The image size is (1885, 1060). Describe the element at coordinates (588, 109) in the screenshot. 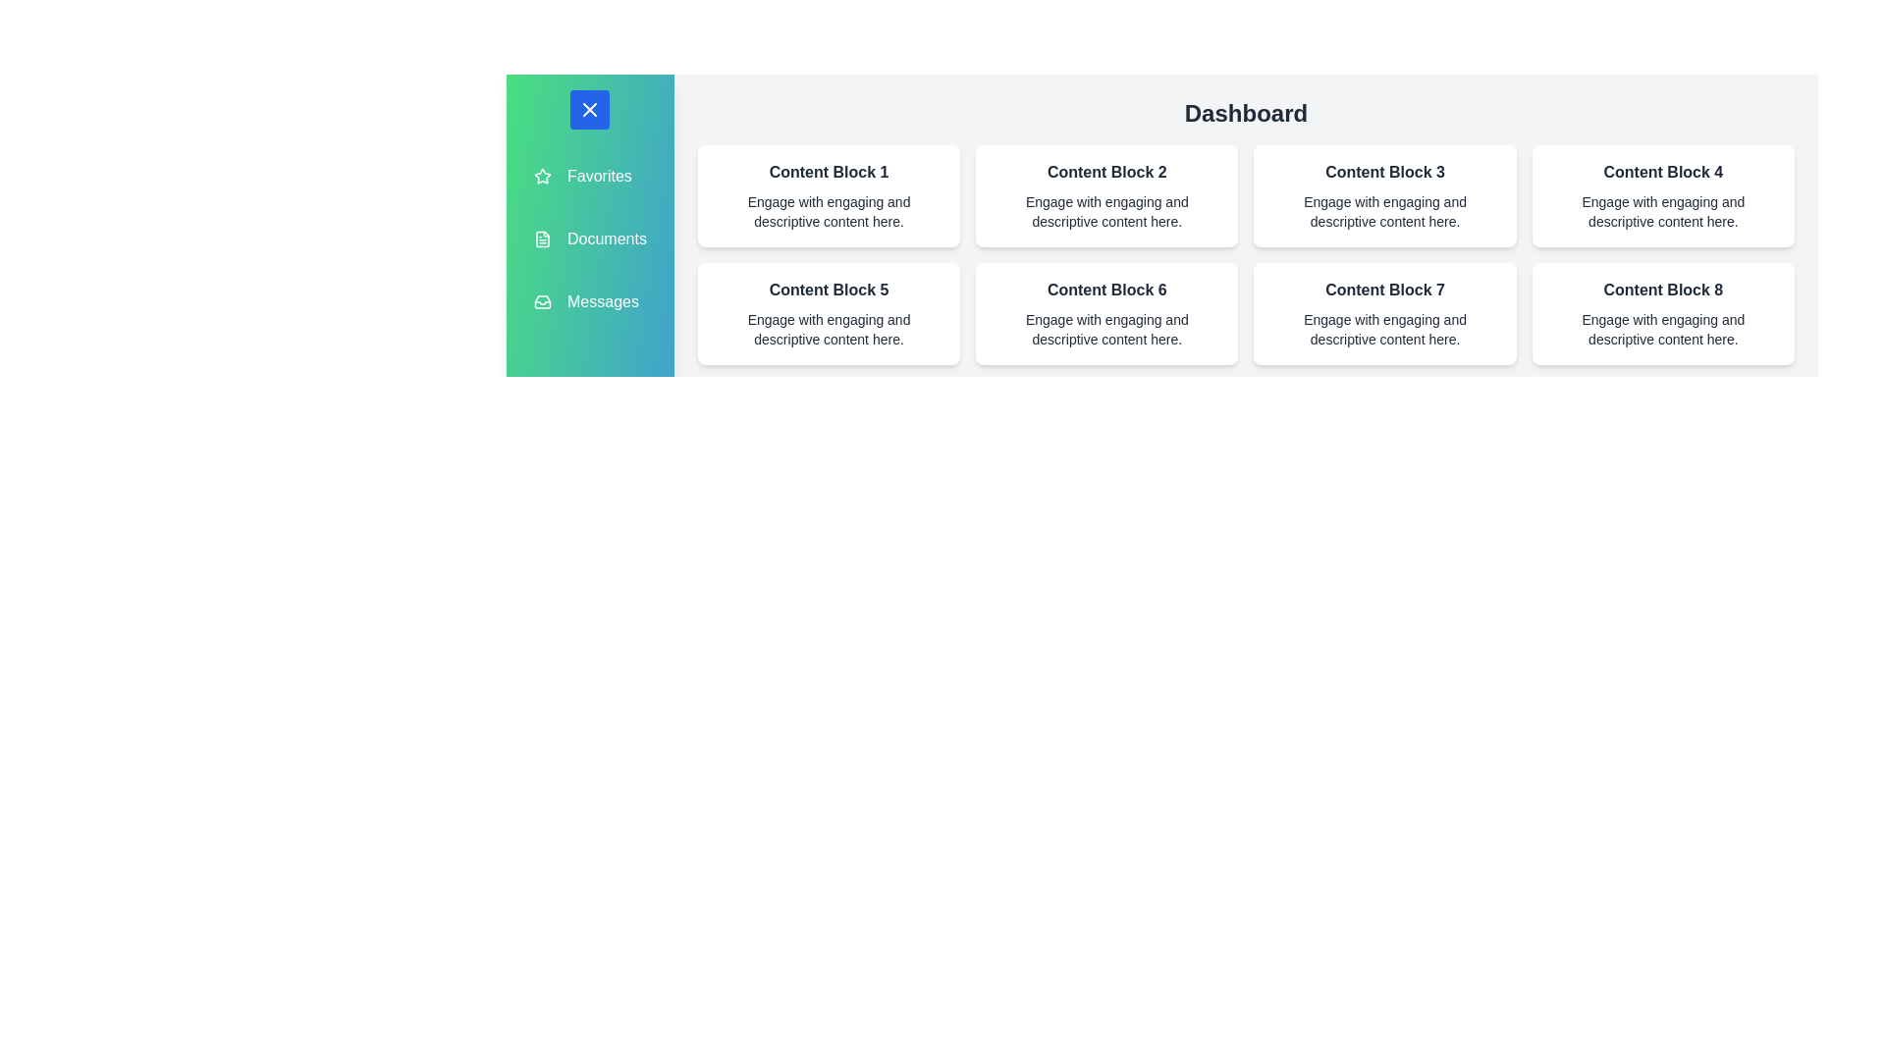

I see `toggle button to change the drawer's state` at that location.